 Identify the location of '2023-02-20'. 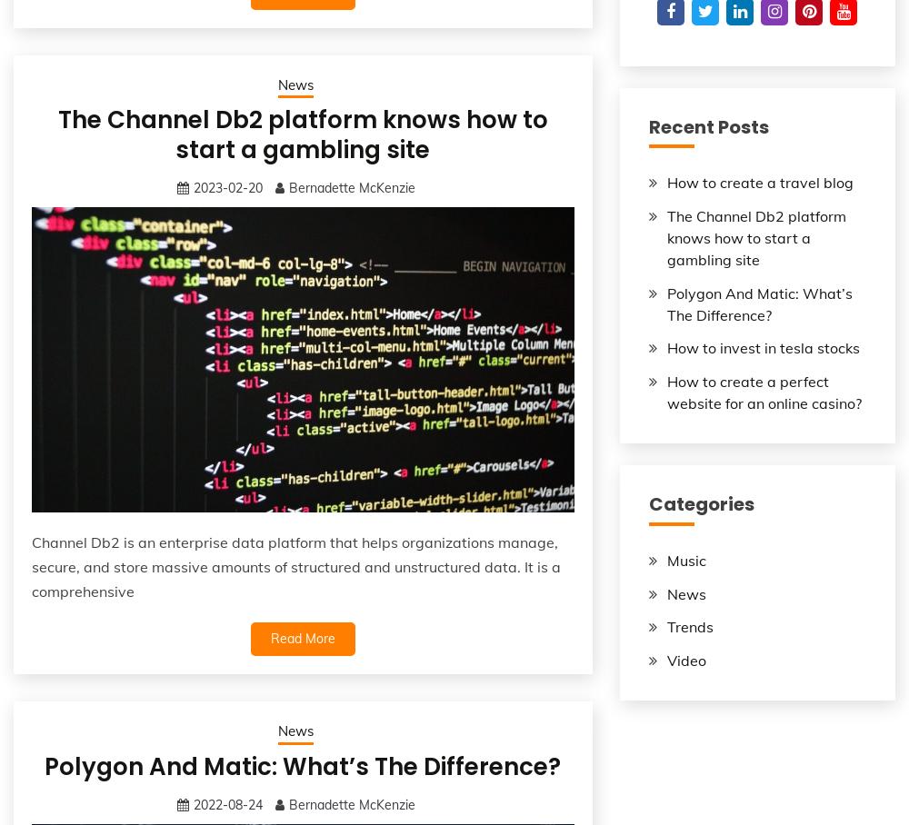
(228, 188).